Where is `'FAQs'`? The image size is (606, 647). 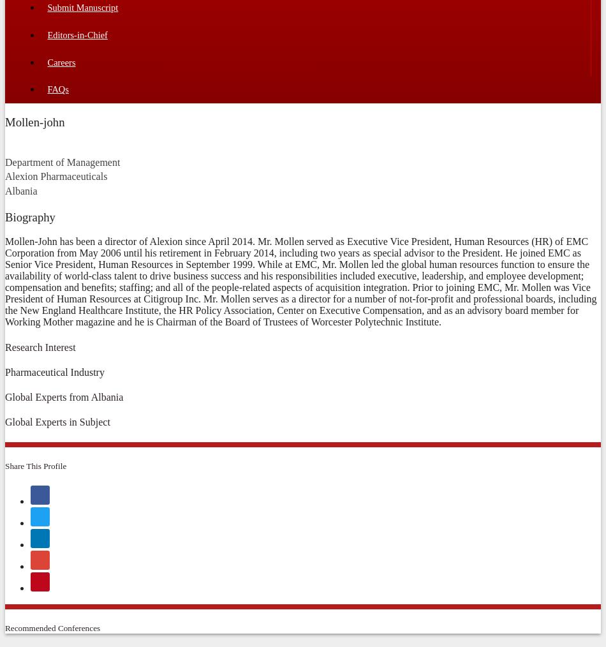 'FAQs' is located at coordinates (57, 89).